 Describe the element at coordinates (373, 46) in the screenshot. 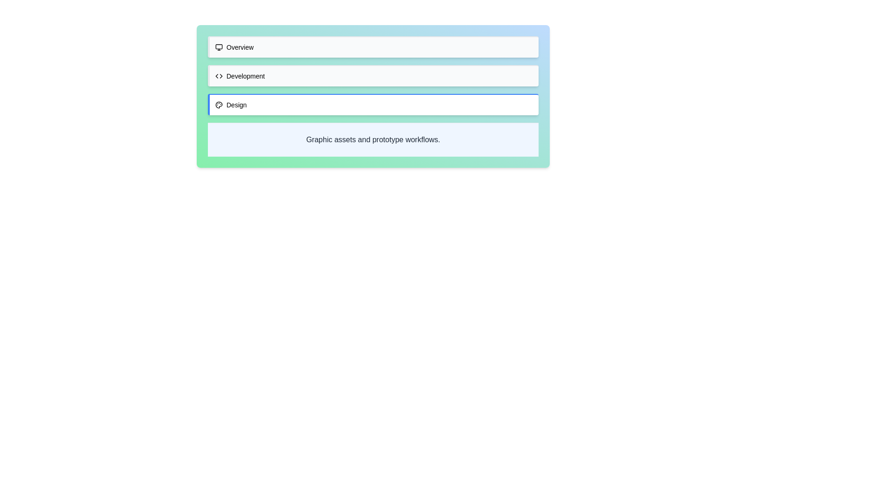

I see `the tab labeled Overview to see its hover effect` at that location.